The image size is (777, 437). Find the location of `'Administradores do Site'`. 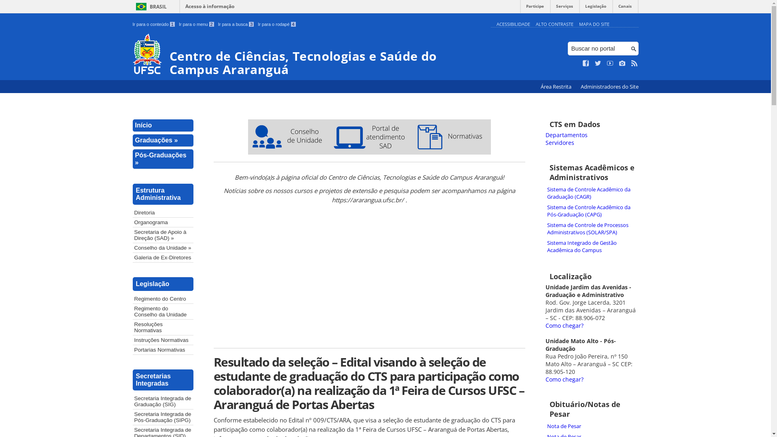

'Administradores do Site' is located at coordinates (609, 87).